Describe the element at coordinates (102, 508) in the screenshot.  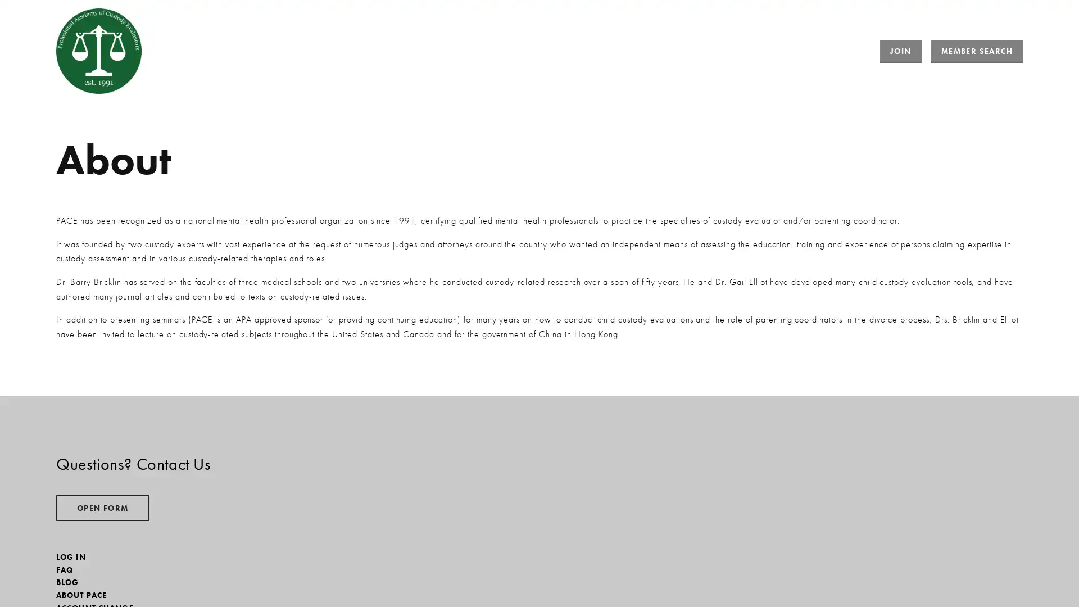
I see `OPEN FORM` at that location.